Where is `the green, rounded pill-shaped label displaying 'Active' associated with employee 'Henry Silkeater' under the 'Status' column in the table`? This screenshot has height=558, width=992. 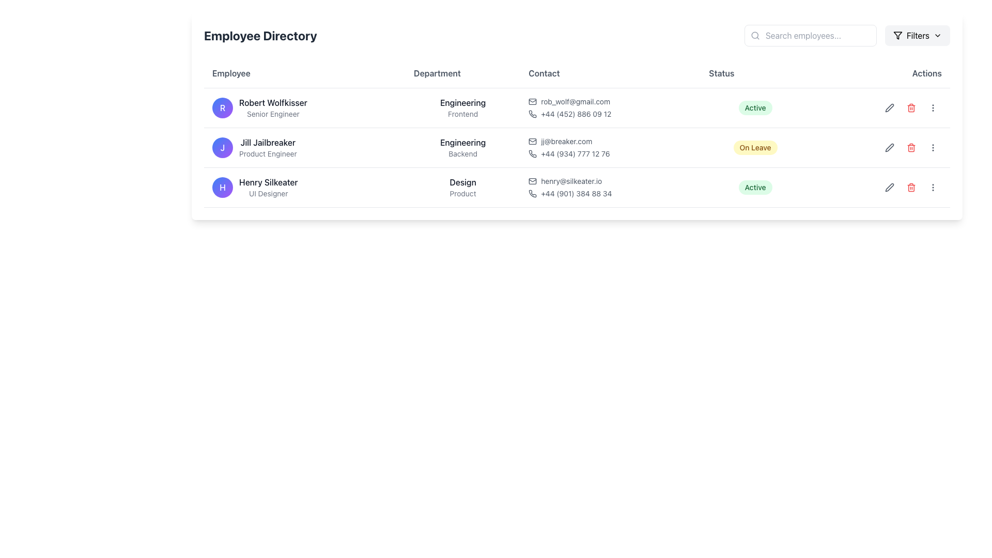
the green, rounded pill-shaped label displaying 'Active' associated with employee 'Henry Silkeater' under the 'Status' column in the table is located at coordinates (755, 187).